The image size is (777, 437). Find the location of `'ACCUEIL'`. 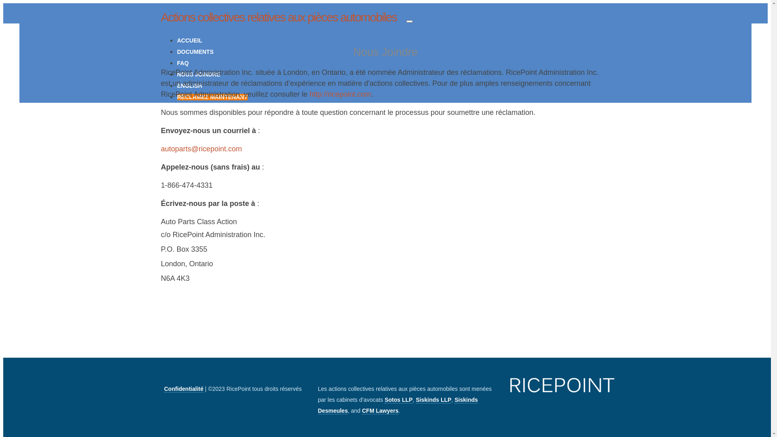

'ACCUEIL' is located at coordinates (189, 40).